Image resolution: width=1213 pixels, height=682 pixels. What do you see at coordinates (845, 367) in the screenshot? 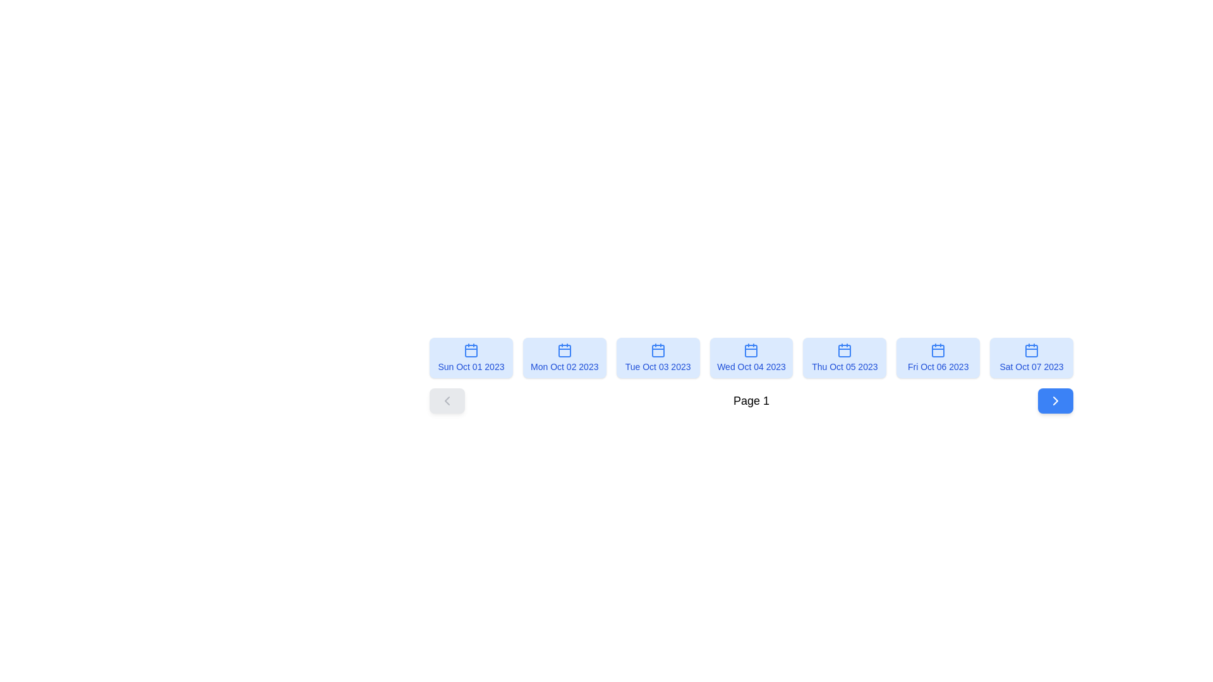
I see `displayed date text from the fifth item in the horizontally aligned list of date elements, specifically between 'Wed Oct 04 2023' and 'Fri Oct 06 2023'` at bounding box center [845, 367].